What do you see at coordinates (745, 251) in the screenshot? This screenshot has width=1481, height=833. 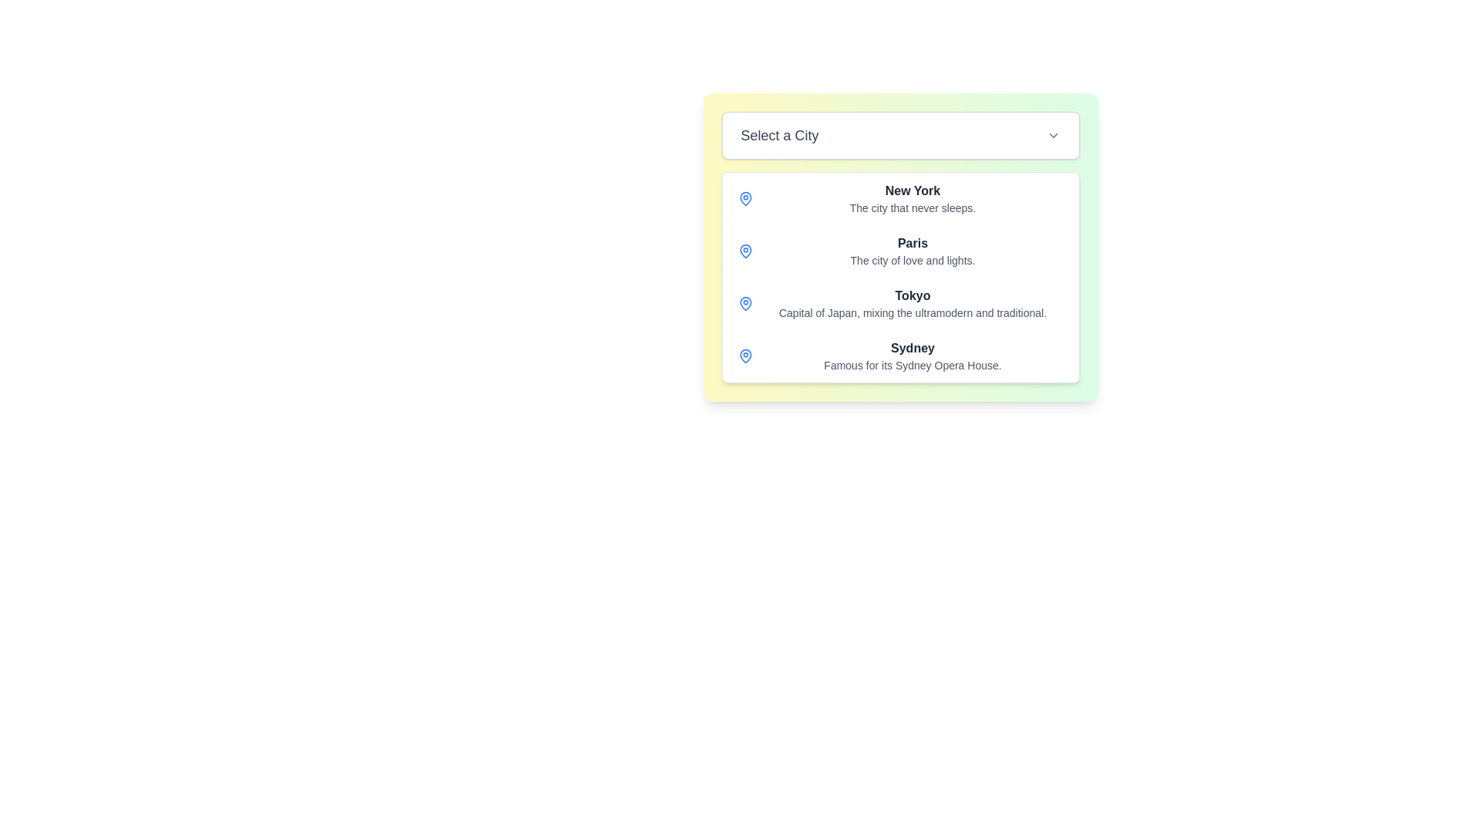 I see `the map pin icon, which is styled with a blue stroke and is outlined with no background fill, located at the second position in the vertical list preceding the text 'Paris'` at bounding box center [745, 251].